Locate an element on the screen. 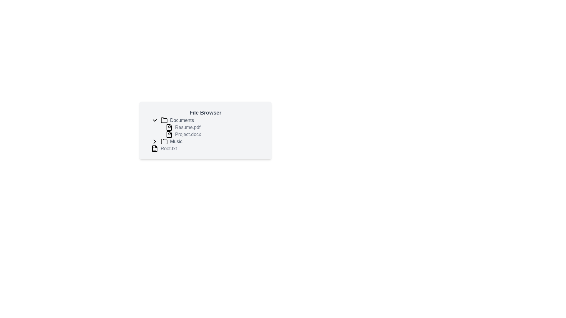  the file entry labeled 'Project.docx', which is the second file listed under the 'Documents' folder in the file browser panel is located at coordinates (183, 134).